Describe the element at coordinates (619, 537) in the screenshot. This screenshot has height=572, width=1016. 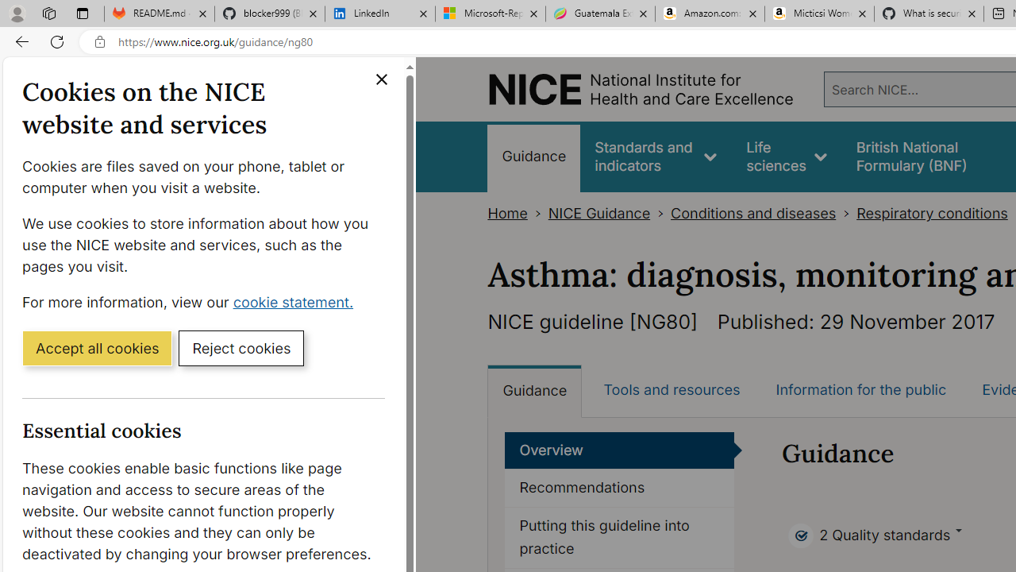
I see `'Putting this guideline into practice'` at that location.